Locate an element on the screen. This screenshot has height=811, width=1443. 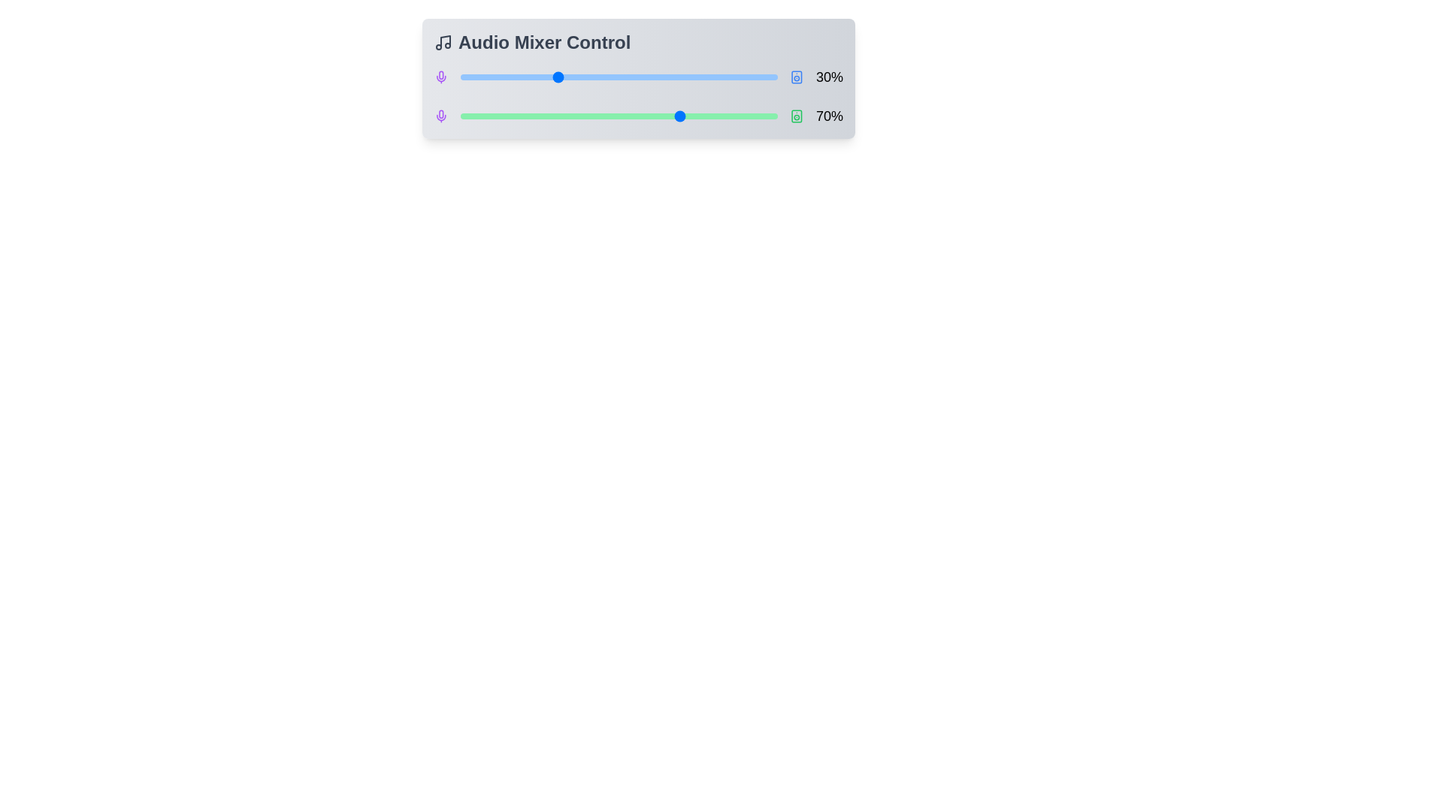
the microphone icon with a purple outline located immediately to the left of the blue slider bar marked at 30% is located at coordinates (440, 77).